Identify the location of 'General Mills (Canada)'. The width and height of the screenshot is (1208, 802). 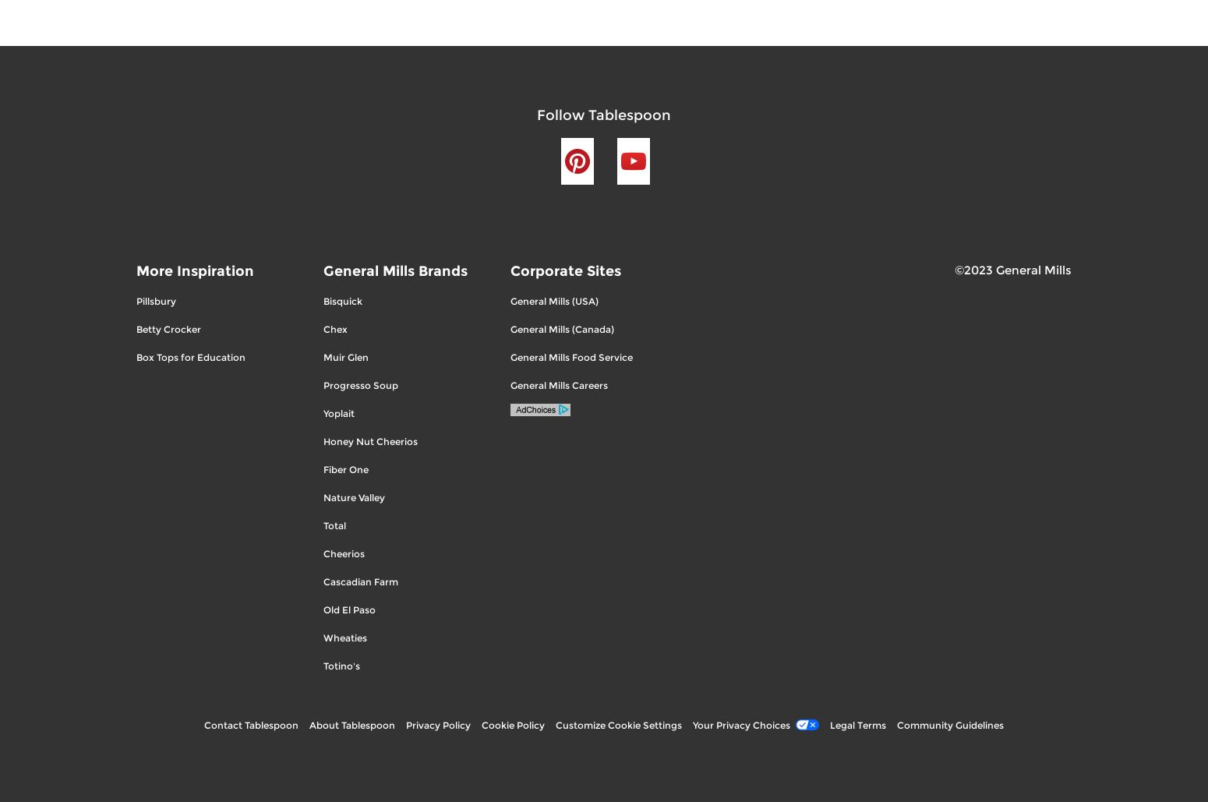
(562, 327).